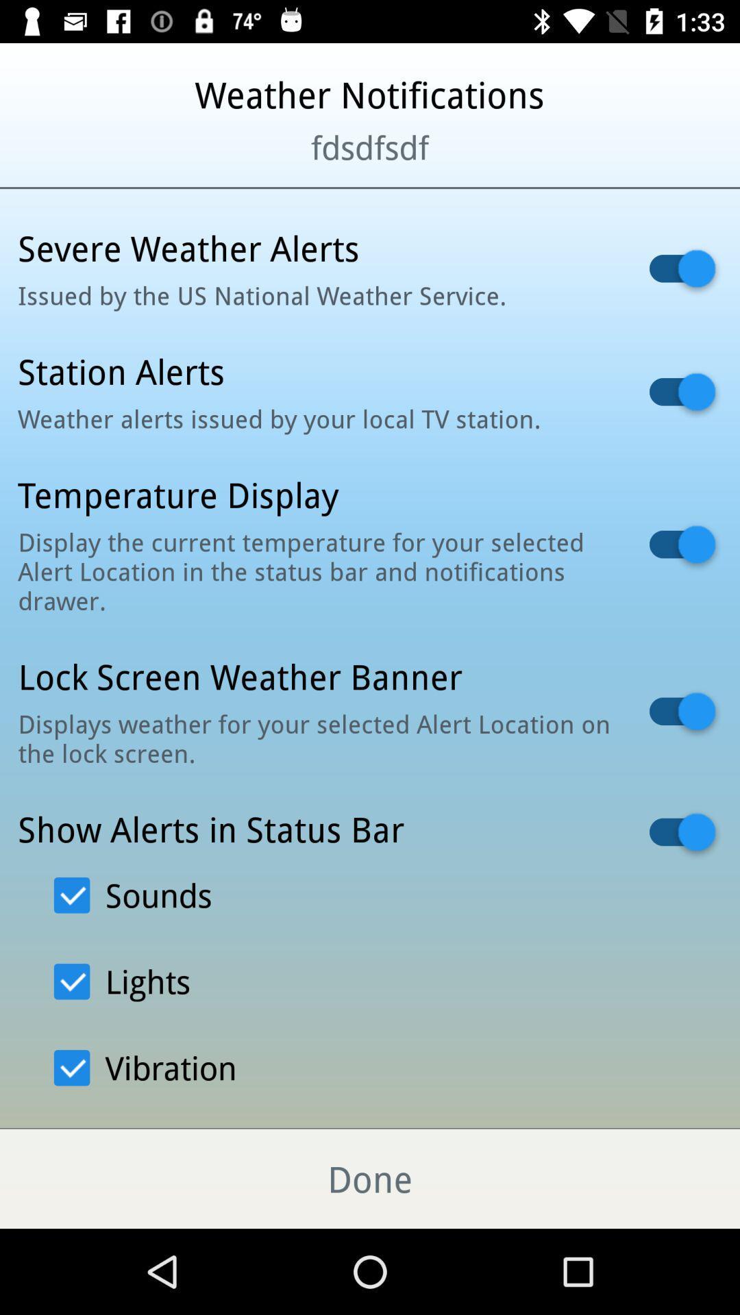 The height and width of the screenshot is (1315, 740). What do you see at coordinates (316, 571) in the screenshot?
I see `item above the lock screen weather icon` at bounding box center [316, 571].